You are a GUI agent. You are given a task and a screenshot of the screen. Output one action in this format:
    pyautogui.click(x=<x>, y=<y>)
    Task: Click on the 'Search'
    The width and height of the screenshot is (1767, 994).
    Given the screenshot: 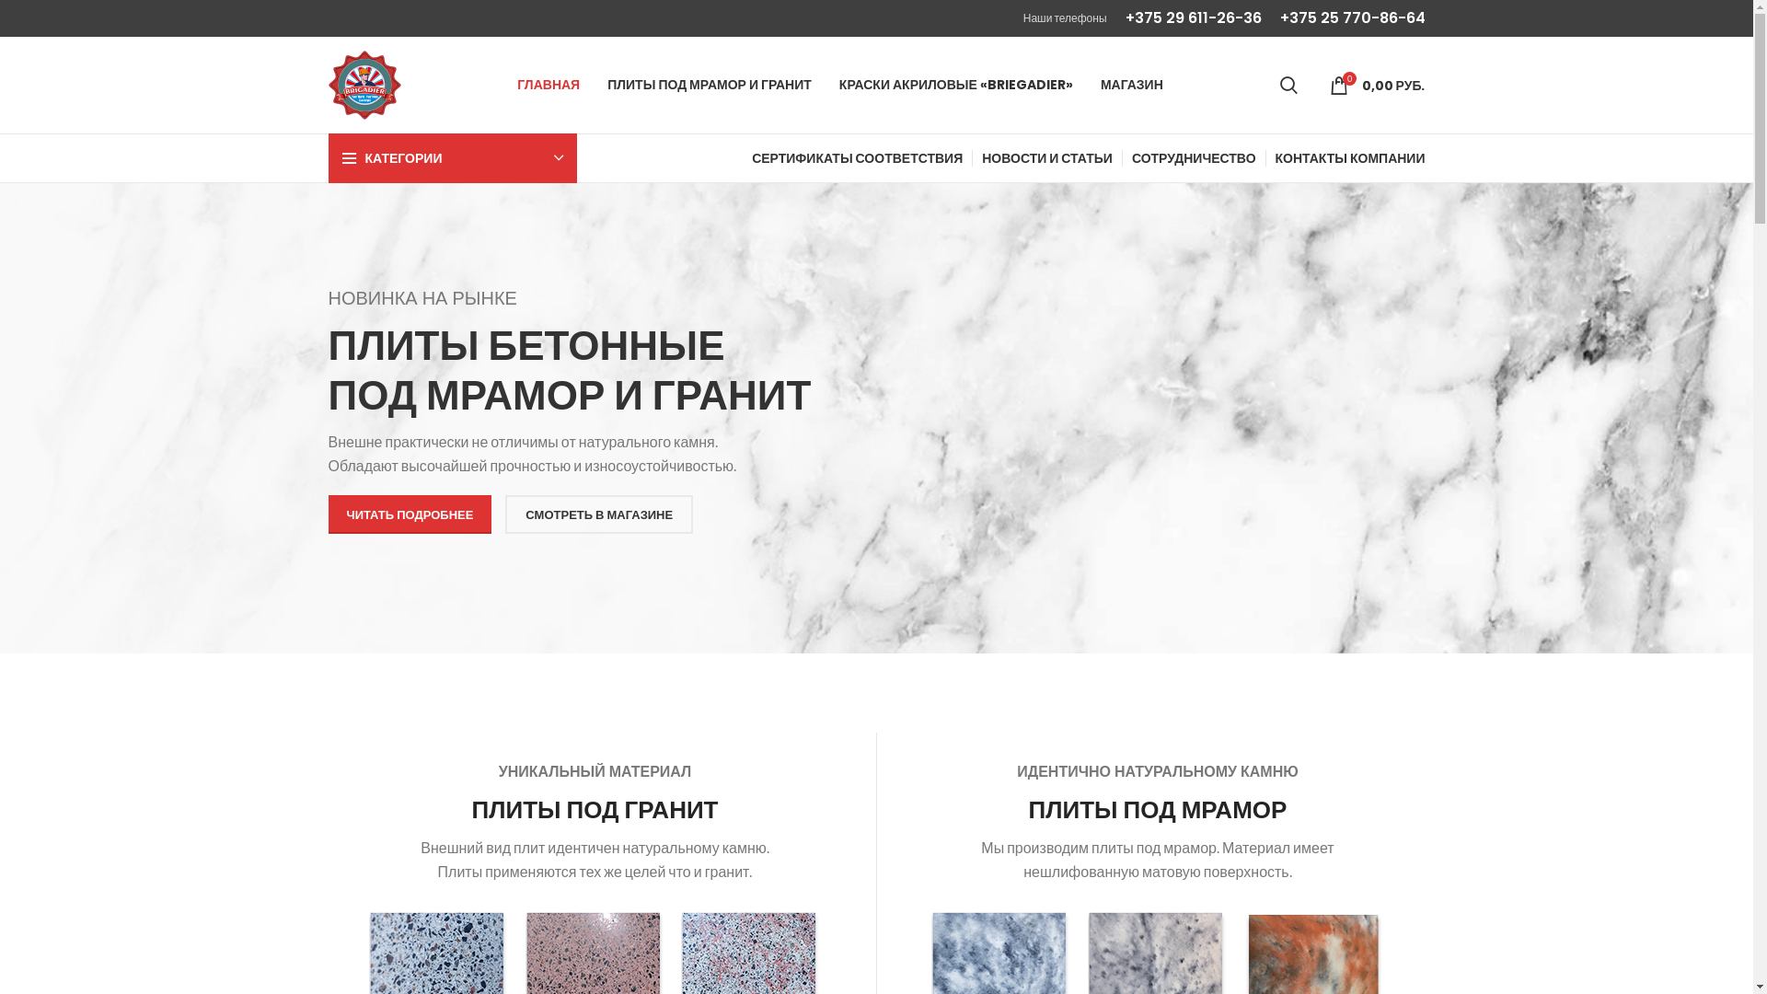 What is the action you would take?
    pyautogui.click(x=1288, y=85)
    